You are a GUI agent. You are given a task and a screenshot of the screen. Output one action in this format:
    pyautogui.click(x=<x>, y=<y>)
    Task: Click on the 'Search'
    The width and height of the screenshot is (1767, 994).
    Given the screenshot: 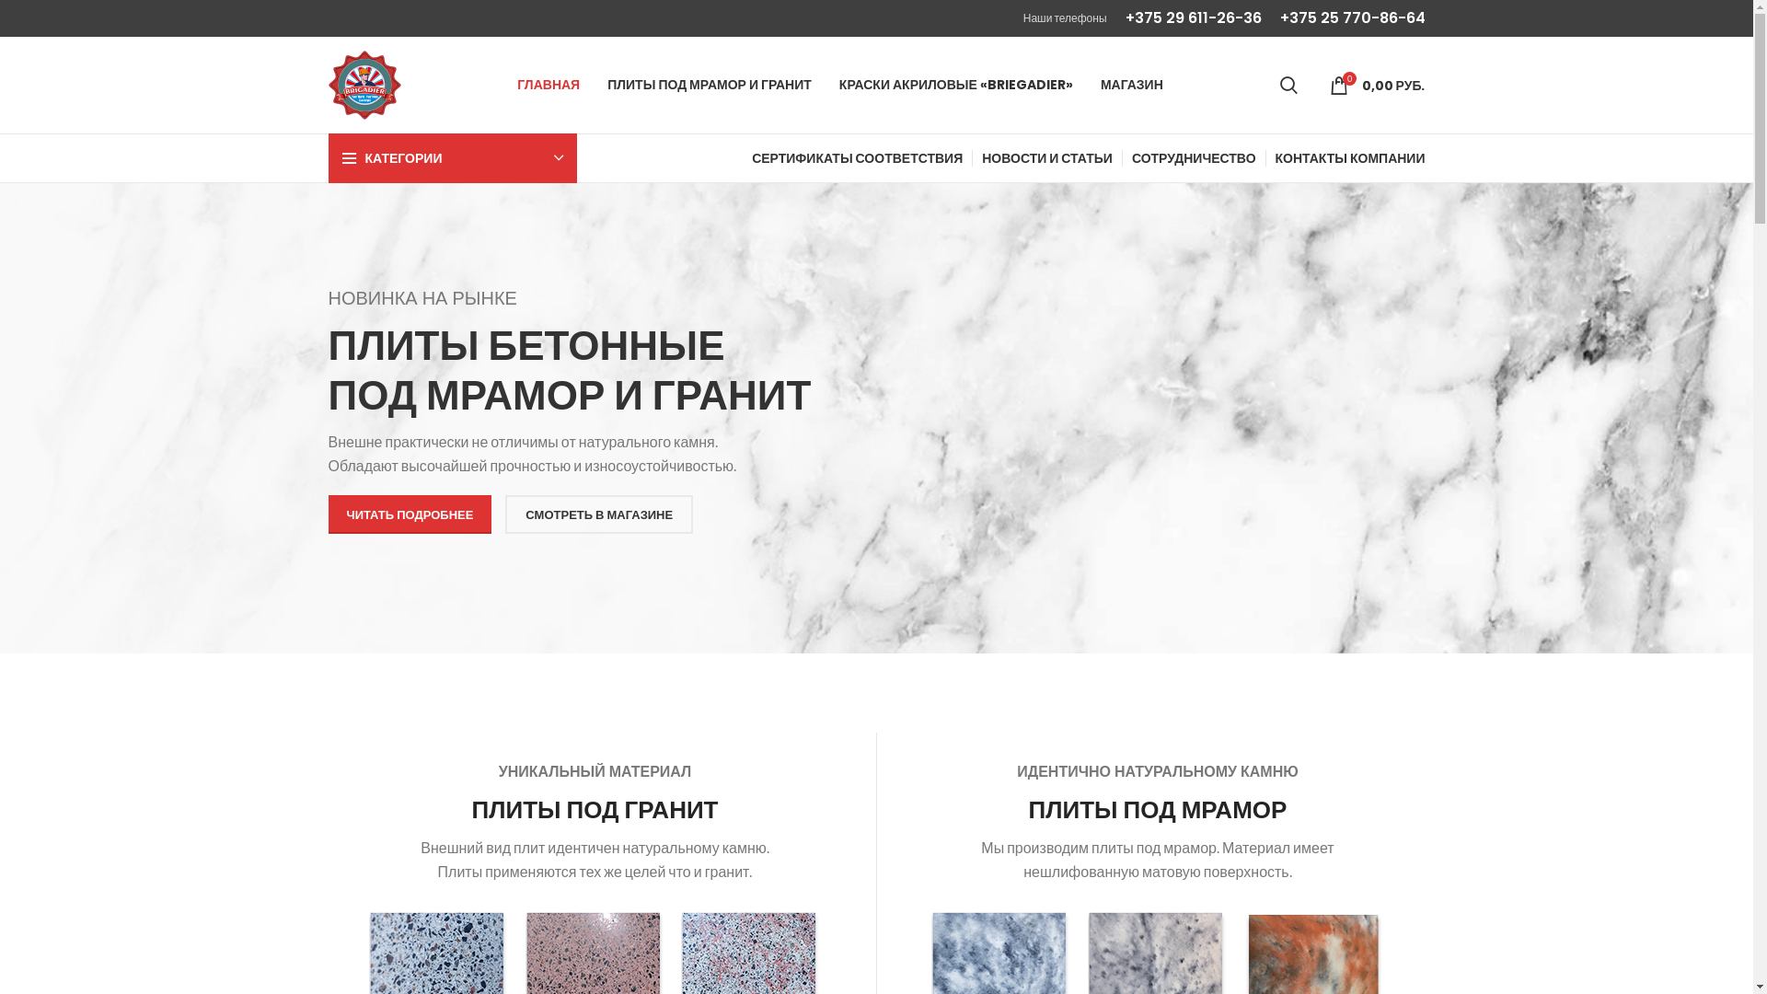 What is the action you would take?
    pyautogui.click(x=1288, y=85)
    